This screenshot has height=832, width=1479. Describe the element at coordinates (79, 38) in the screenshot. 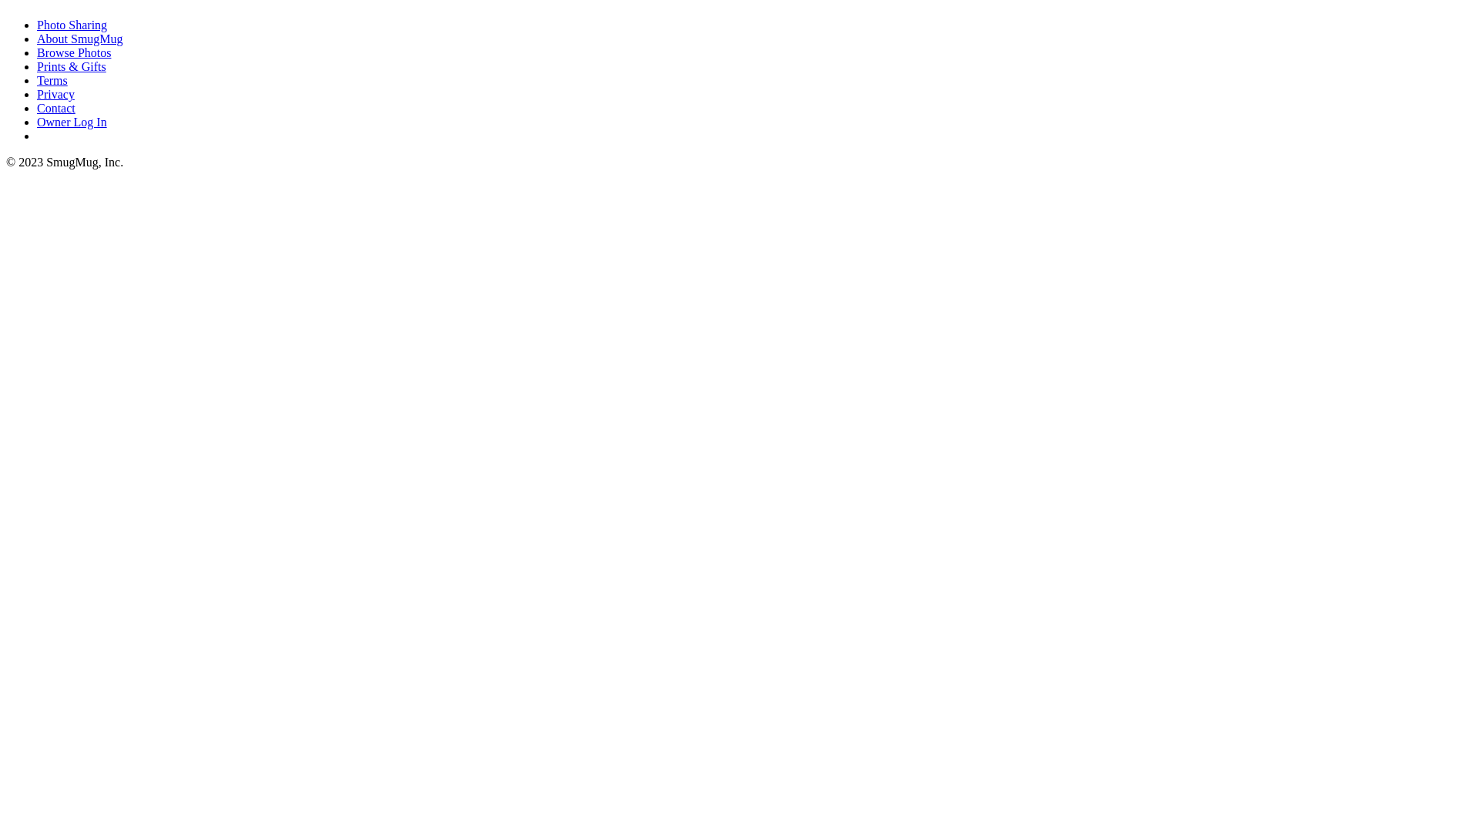

I see `'About SmugMug'` at that location.